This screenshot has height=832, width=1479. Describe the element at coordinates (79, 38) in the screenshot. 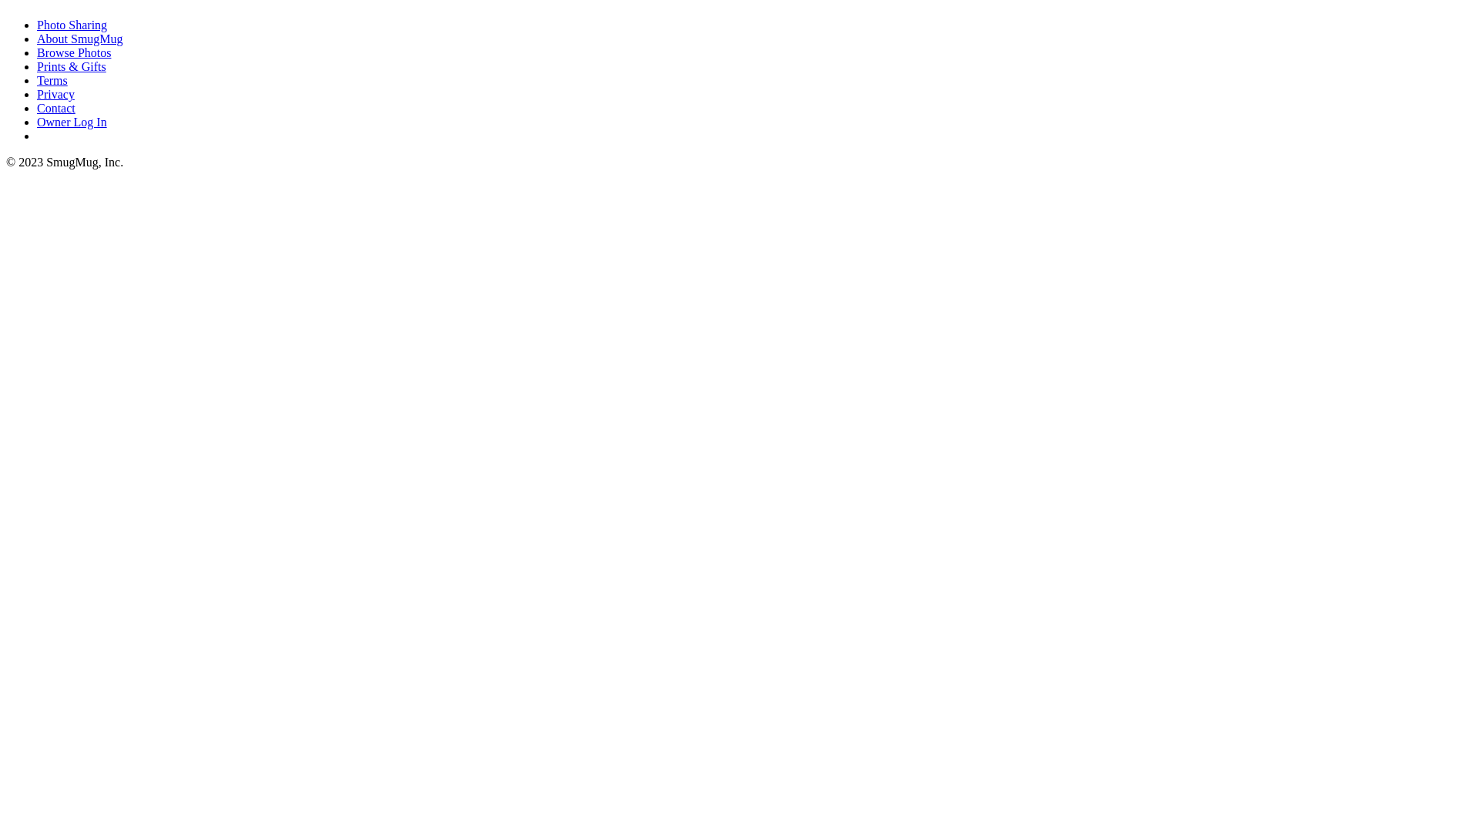

I see `'About SmugMug'` at that location.